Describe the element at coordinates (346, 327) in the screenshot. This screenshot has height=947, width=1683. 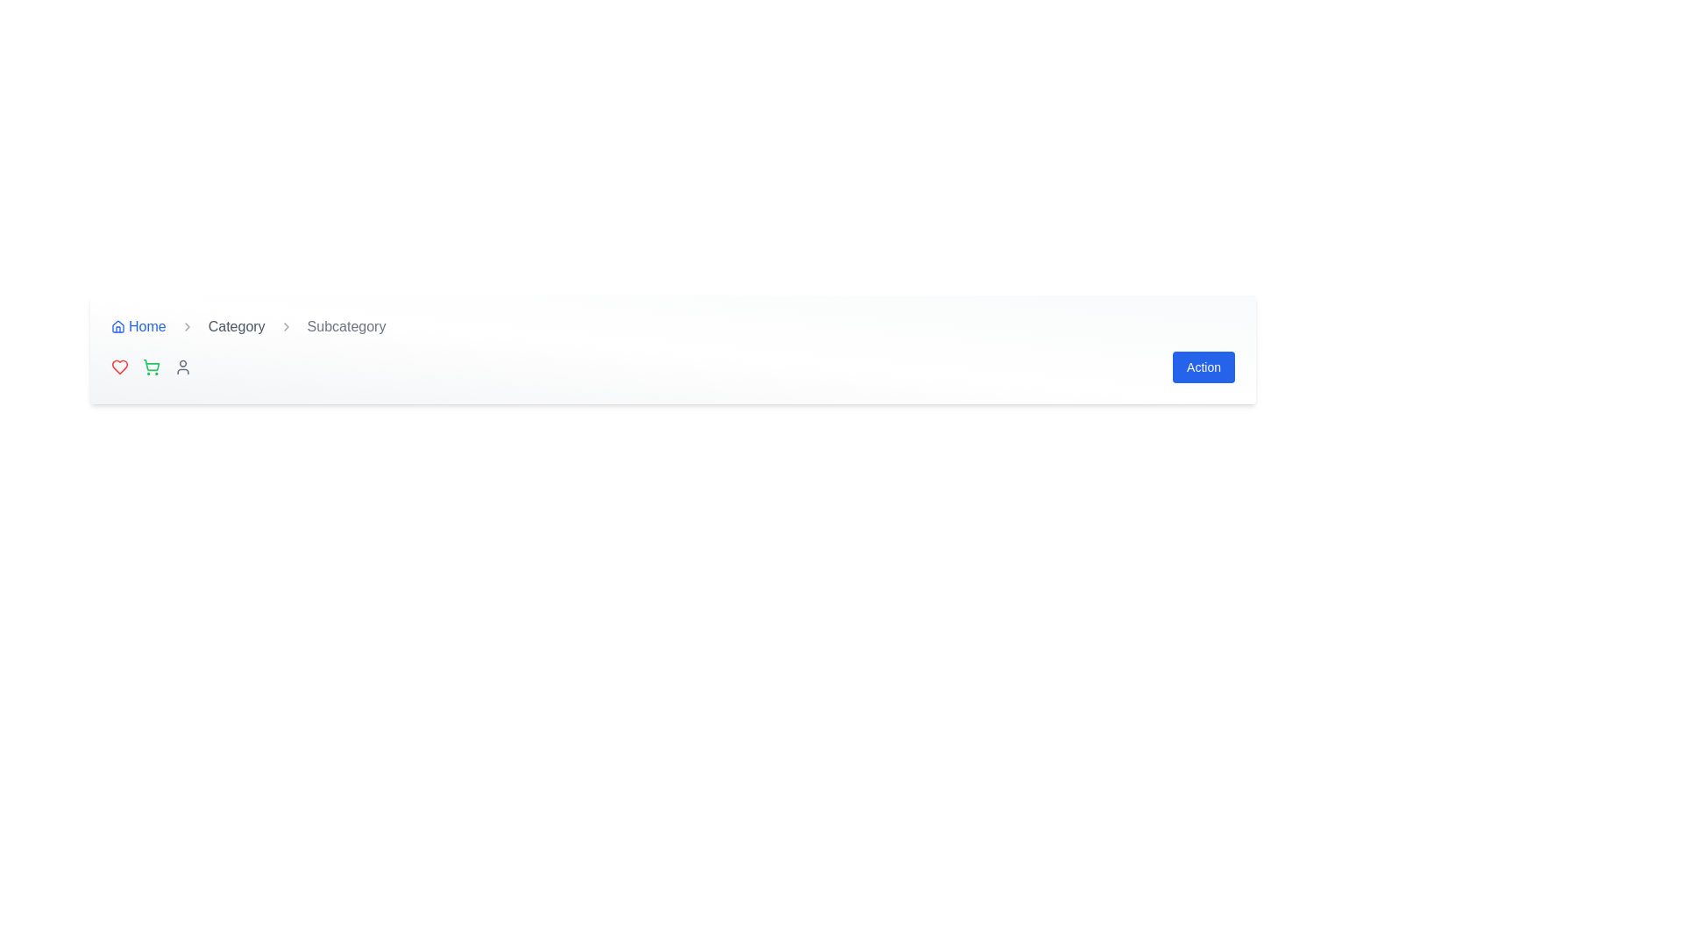
I see `the static text label indicating the current subcategory level in the breadcrumb navigation, which is the third part of the breadcrumb bar located to the right of the 'Category' label` at that location.